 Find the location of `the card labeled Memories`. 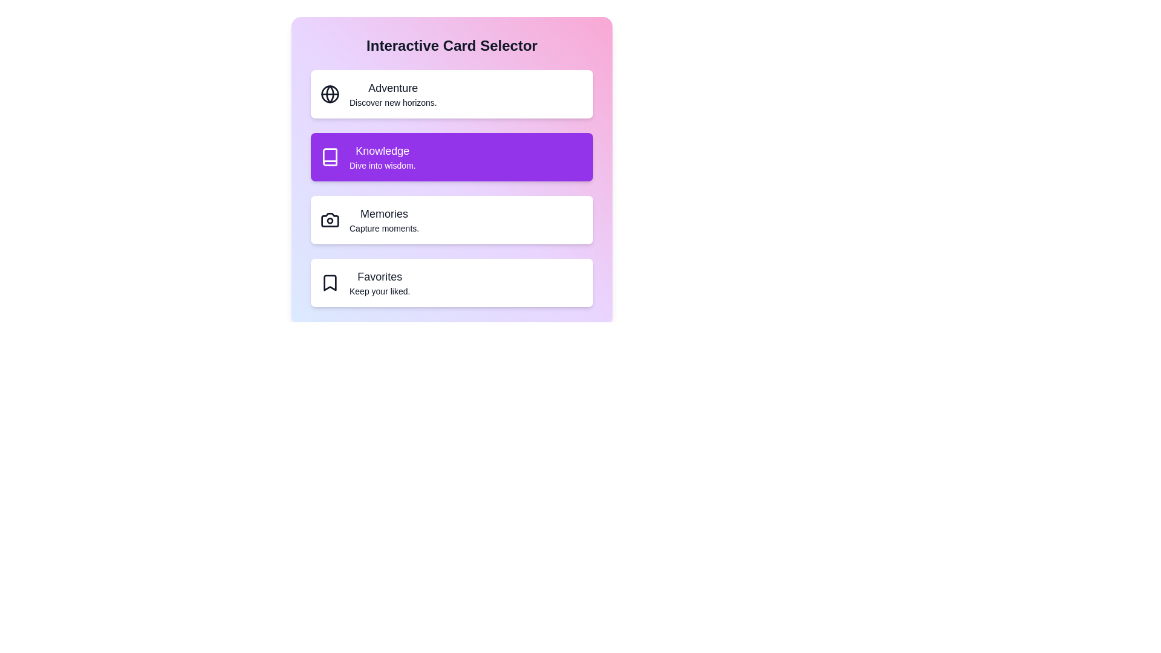

the card labeled Memories is located at coordinates (451, 219).